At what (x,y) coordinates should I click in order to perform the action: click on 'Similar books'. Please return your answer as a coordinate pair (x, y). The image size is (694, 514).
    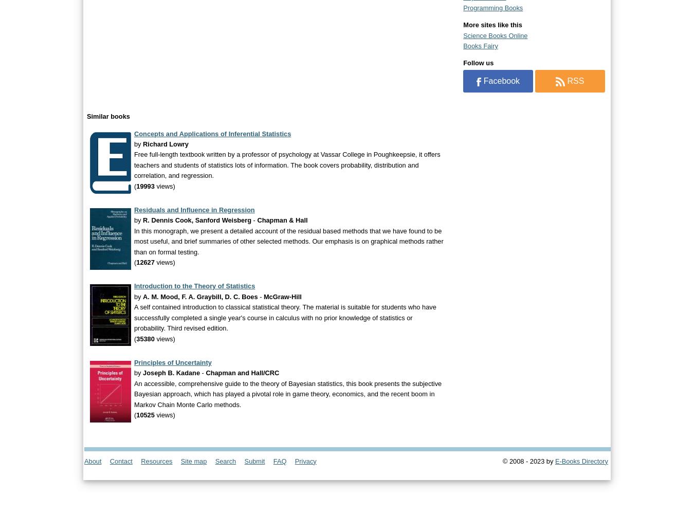
    Looking at the image, I should click on (108, 116).